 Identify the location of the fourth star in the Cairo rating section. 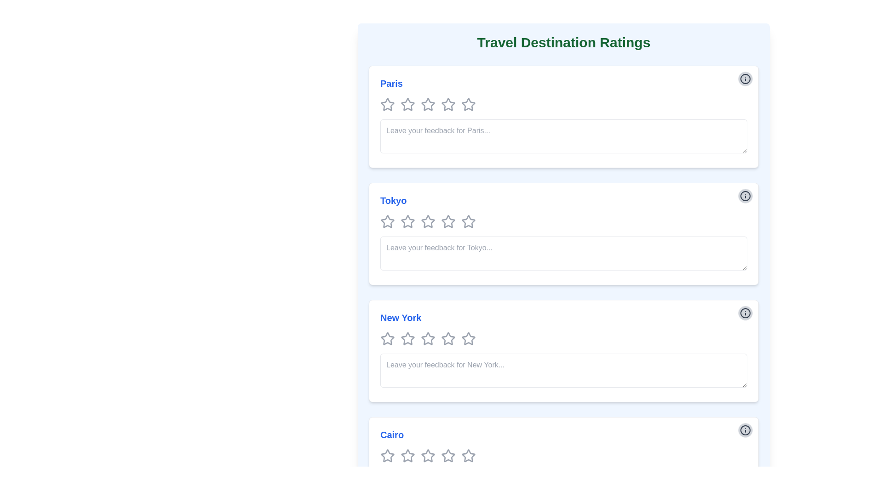
(428, 456).